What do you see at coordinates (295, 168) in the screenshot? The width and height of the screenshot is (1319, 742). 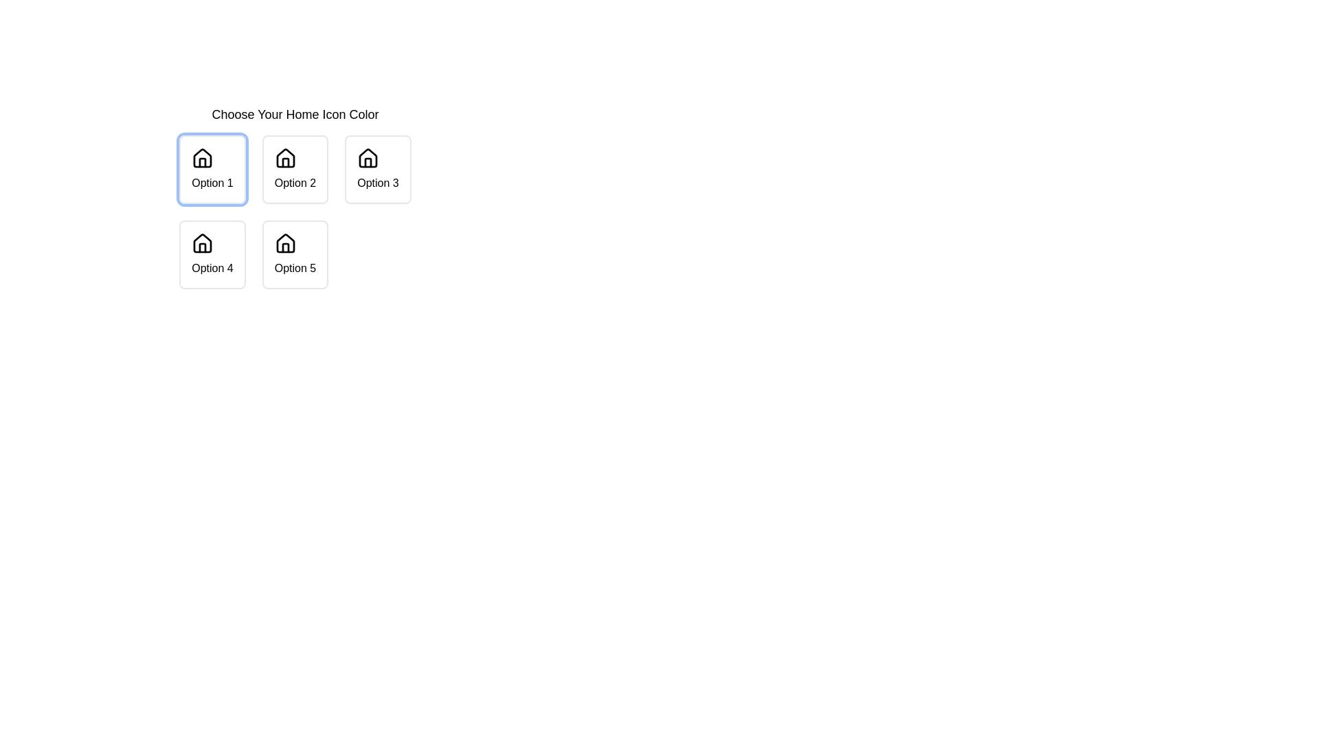 I see `the selectable button labeled 'Option 2' located in the top row, middle column of a 3x2 grid layout` at bounding box center [295, 168].